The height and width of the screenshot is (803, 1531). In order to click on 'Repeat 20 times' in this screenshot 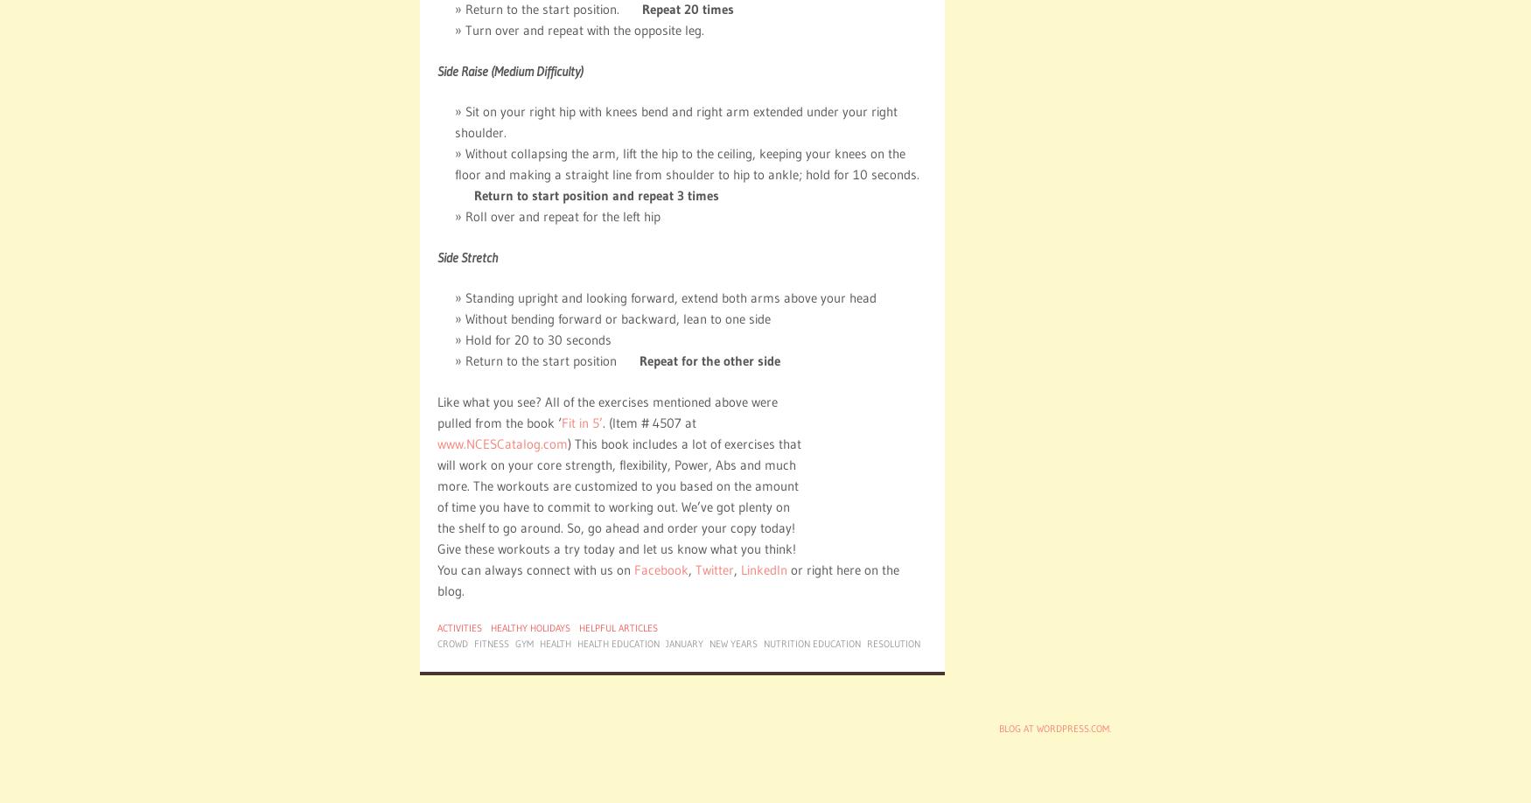, I will do `click(687, 9)`.